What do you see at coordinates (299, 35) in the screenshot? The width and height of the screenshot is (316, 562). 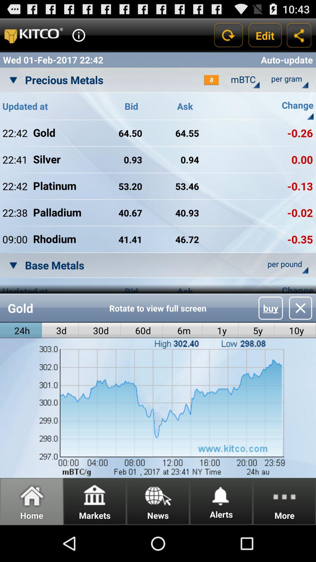 I see `share option` at bounding box center [299, 35].